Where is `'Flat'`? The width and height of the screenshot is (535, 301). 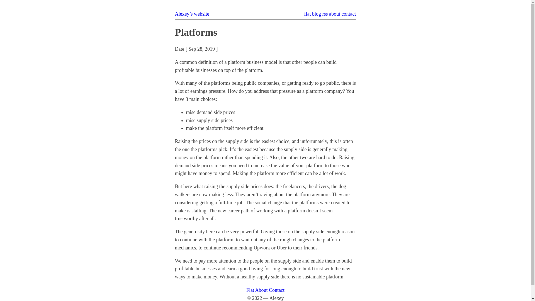 'Flat' is located at coordinates (250, 290).